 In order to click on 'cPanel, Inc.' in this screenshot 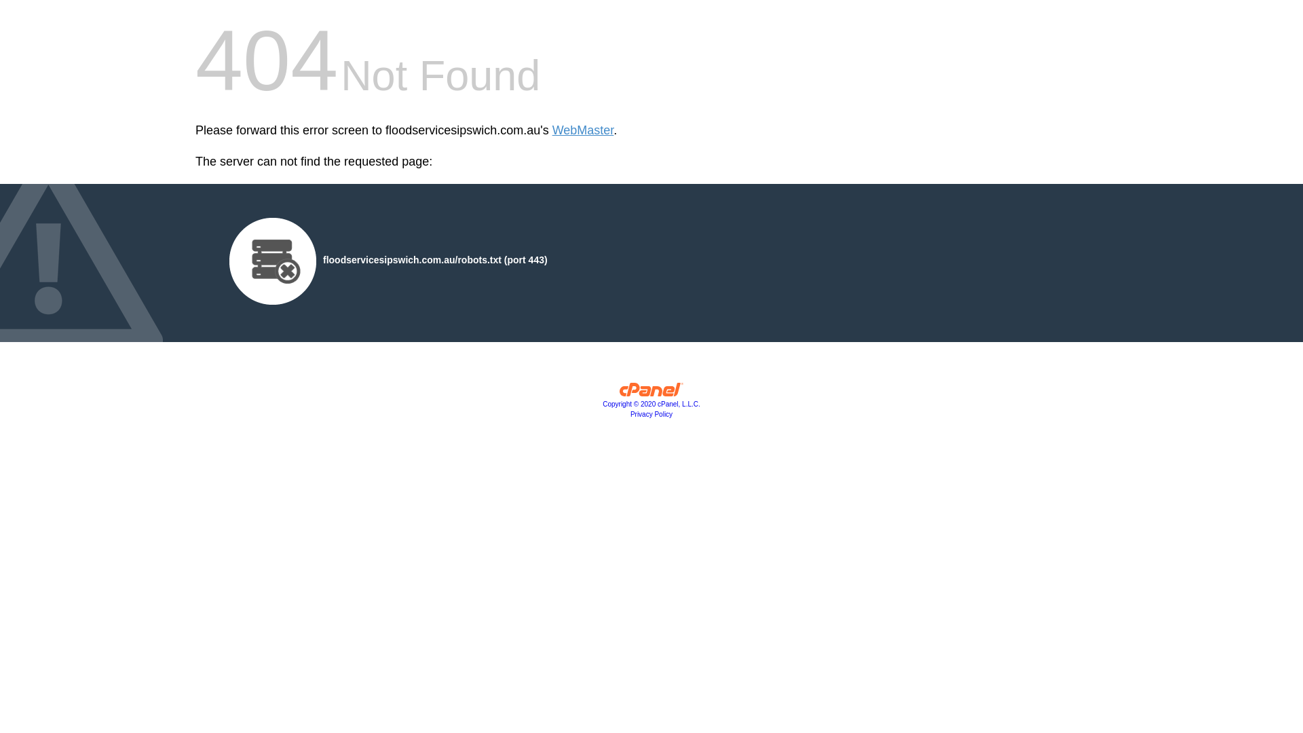, I will do `click(618, 392)`.